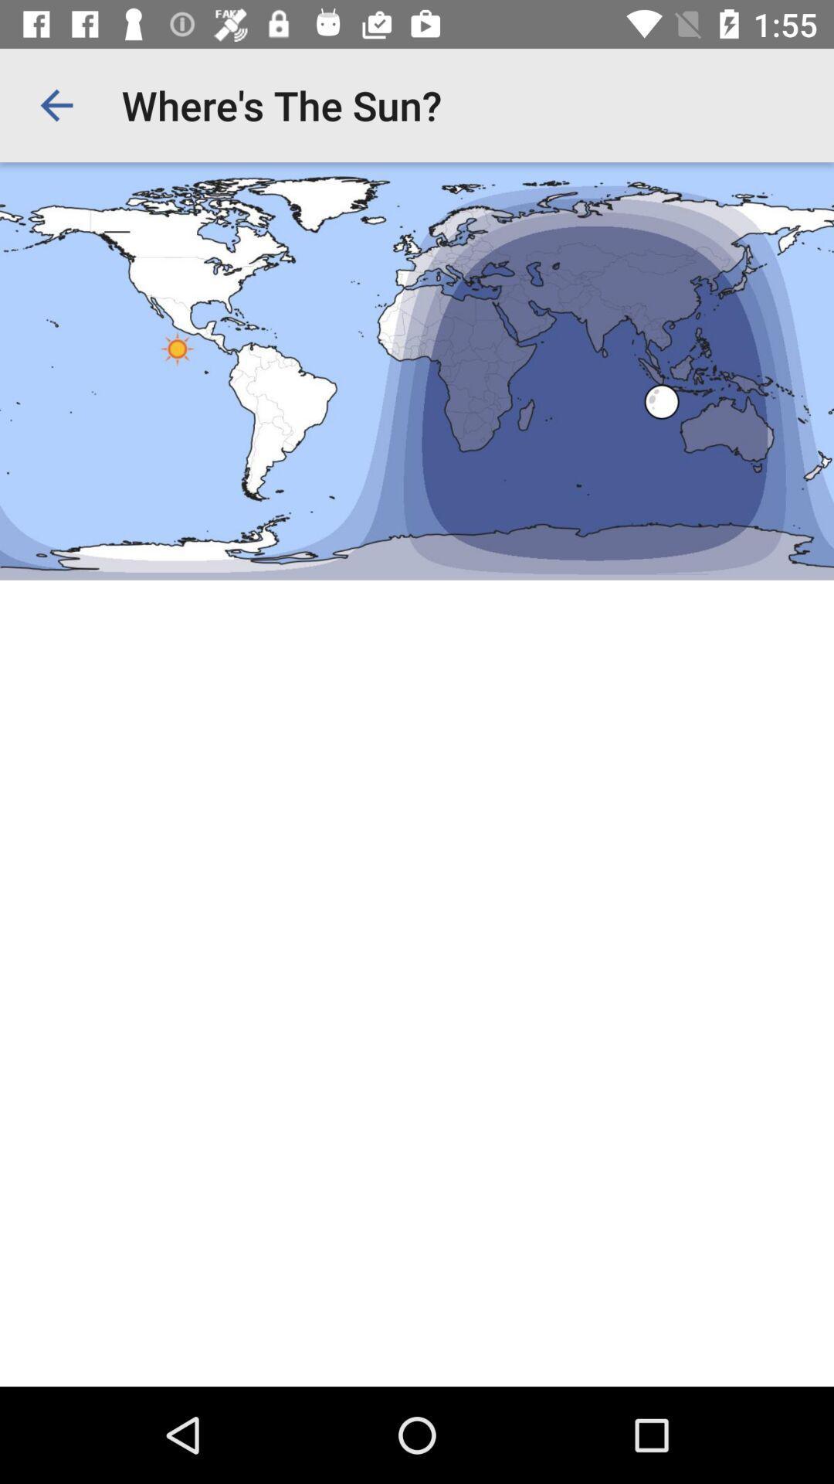 This screenshot has height=1484, width=834. I want to click on weather page, so click(417, 723).